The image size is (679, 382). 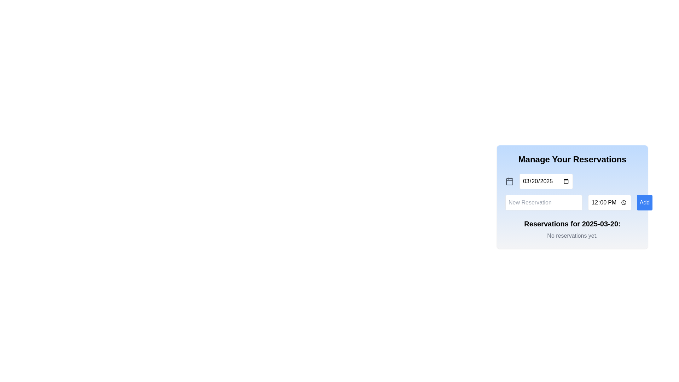 What do you see at coordinates (645, 203) in the screenshot?
I see `the confirmation button located to the right of the time input field` at bounding box center [645, 203].